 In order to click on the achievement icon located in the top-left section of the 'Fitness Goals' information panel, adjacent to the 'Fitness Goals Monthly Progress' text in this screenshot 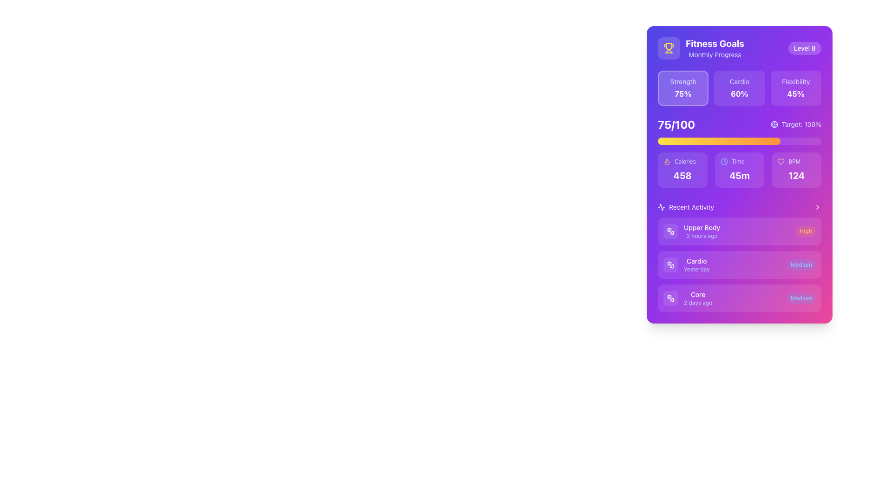, I will do `click(669, 48)`.